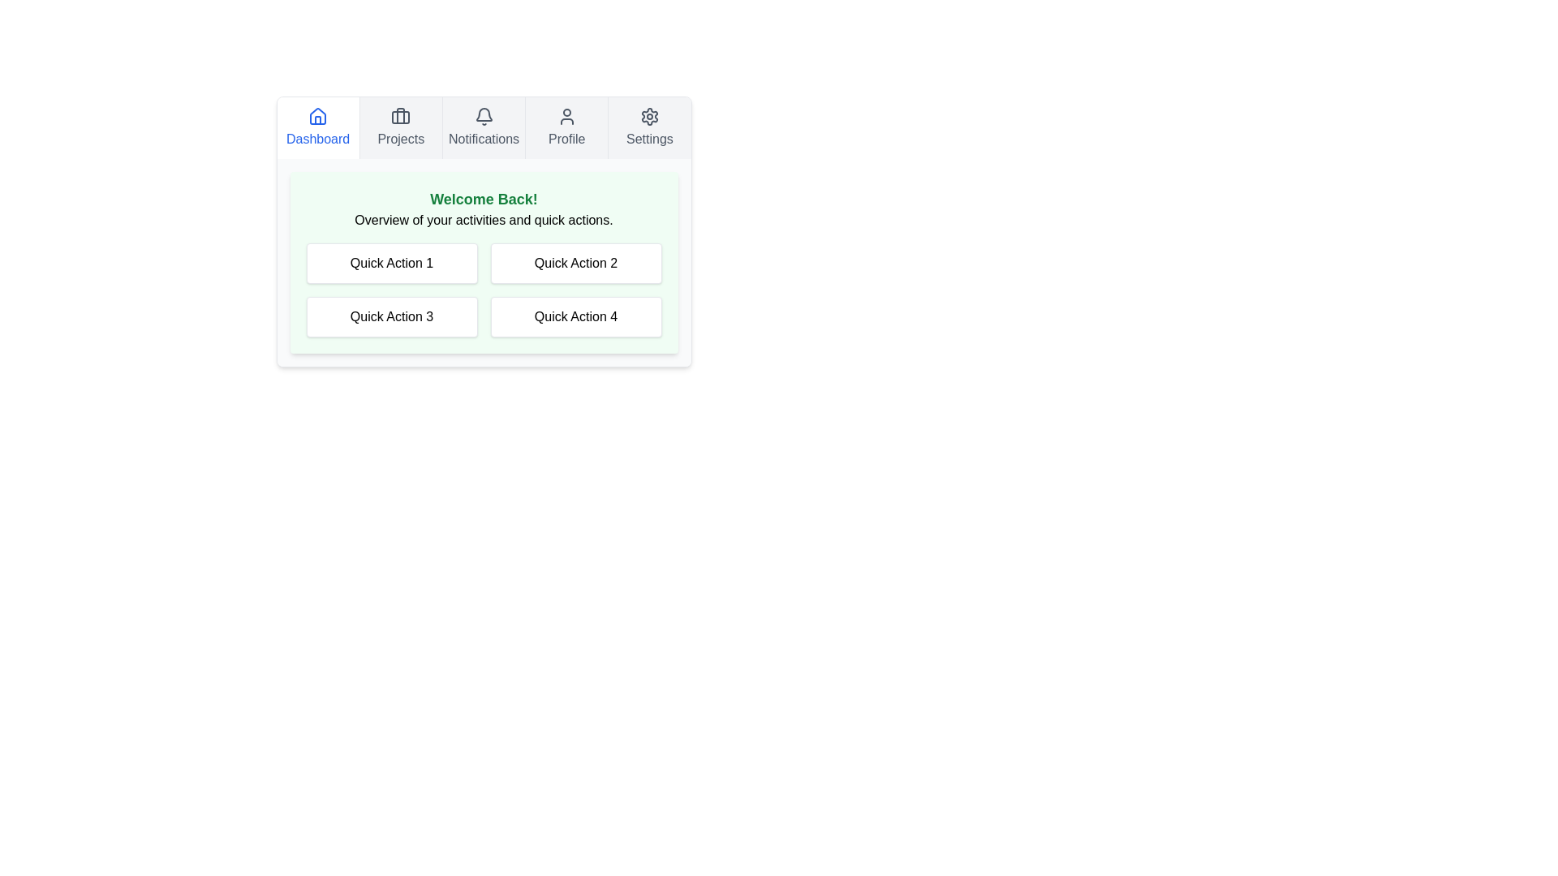 The width and height of the screenshot is (1558, 876). Describe the element at coordinates (401, 127) in the screenshot. I see `the 'Projects' text label with associated icon in the navigation bar` at that location.